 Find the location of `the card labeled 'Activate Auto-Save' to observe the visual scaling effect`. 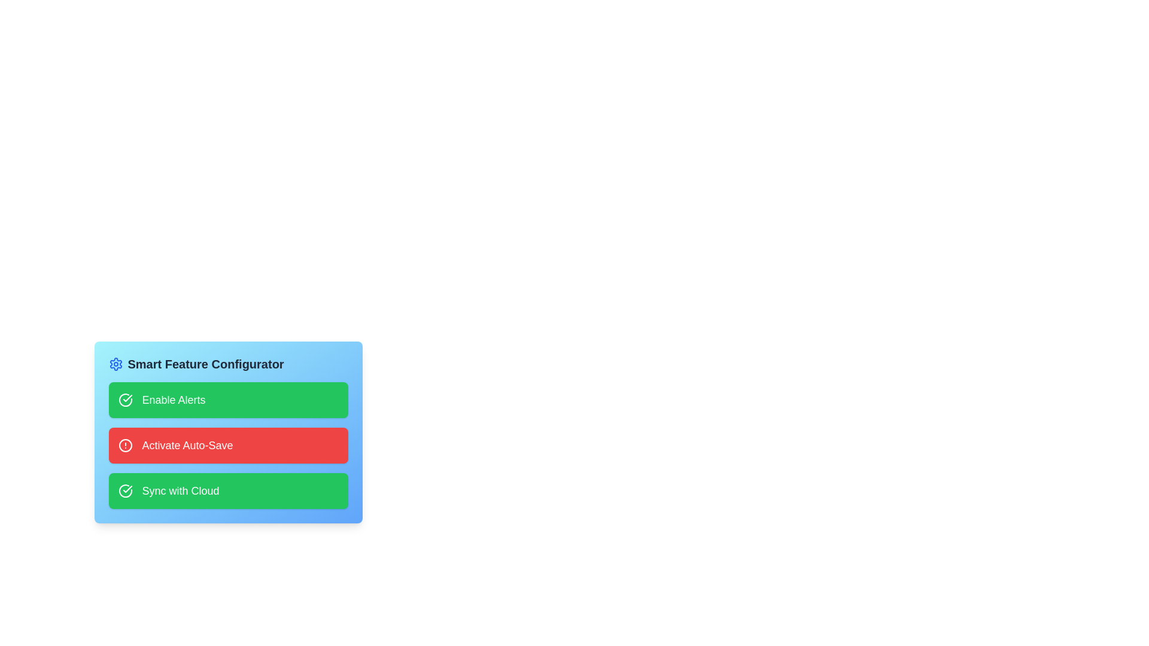

the card labeled 'Activate Auto-Save' to observe the visual scaling effect is located at coordinates (228, 445).